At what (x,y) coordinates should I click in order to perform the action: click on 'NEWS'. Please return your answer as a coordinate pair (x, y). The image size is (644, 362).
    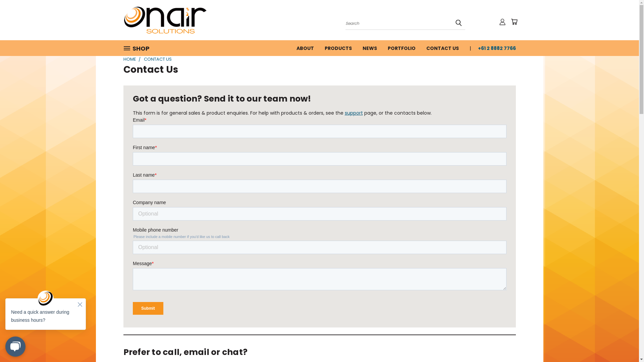
    Looking at the image, I should click on (357, 47).